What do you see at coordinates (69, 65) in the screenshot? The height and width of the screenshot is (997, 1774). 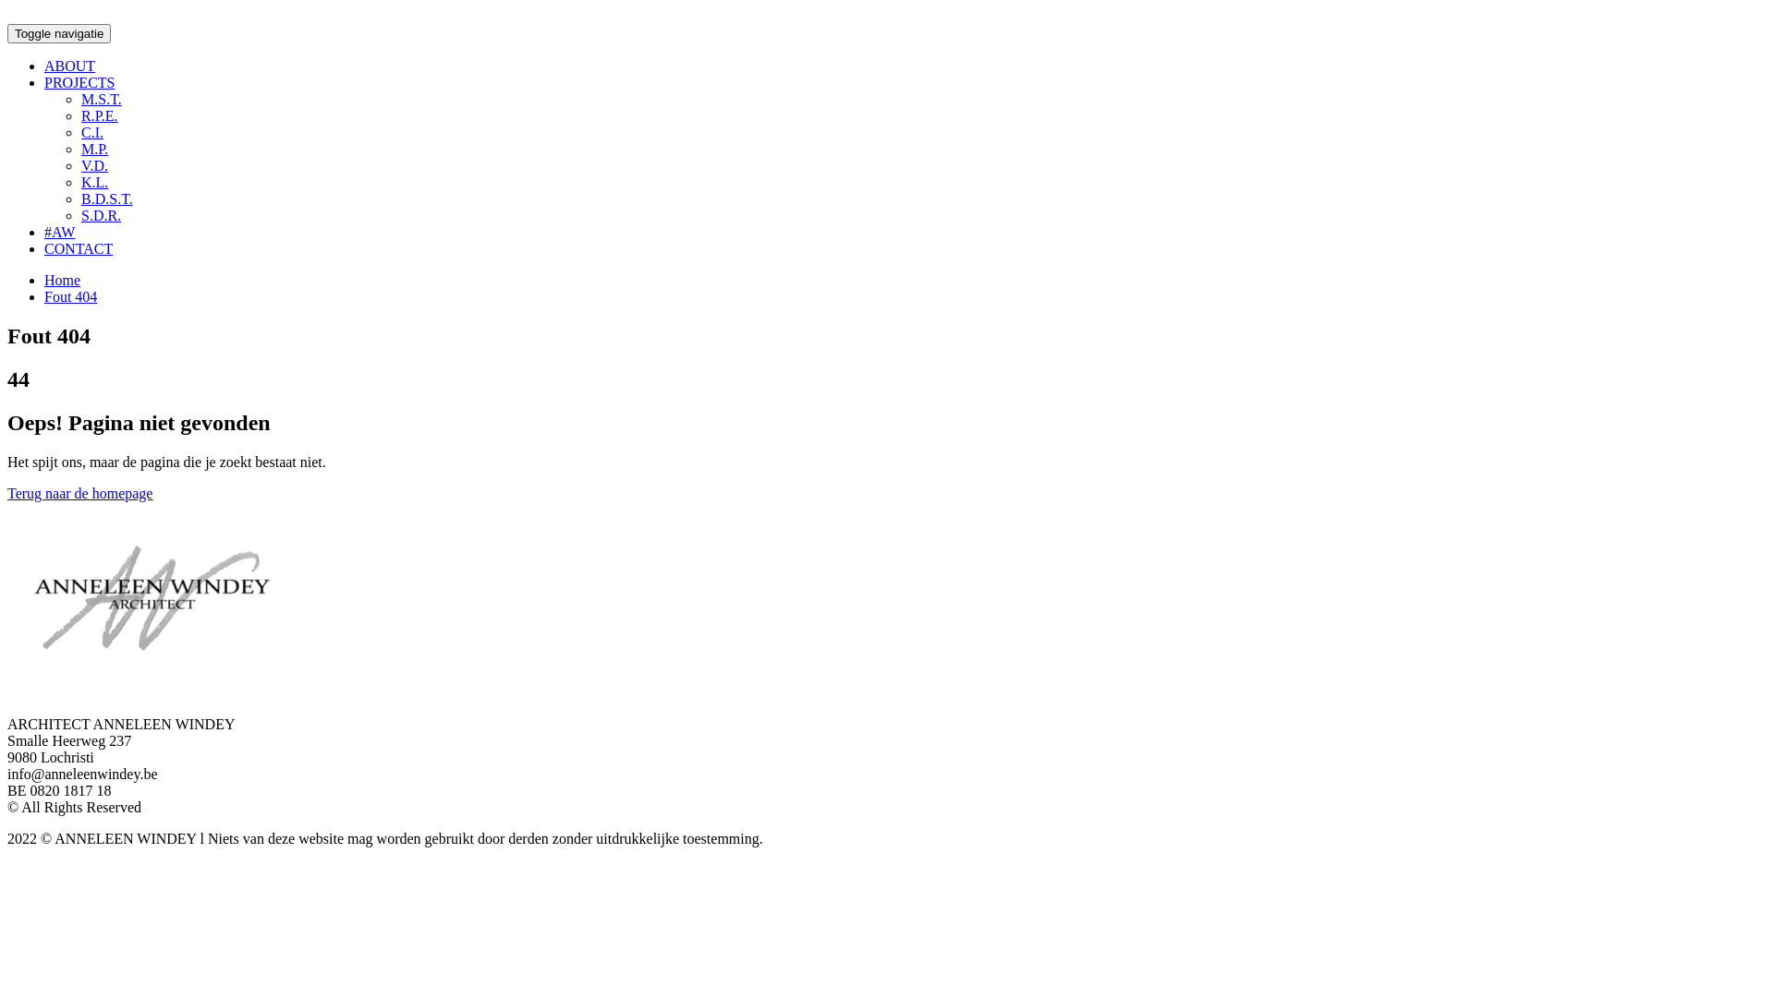 I see `'ABOUT'` at bounding box center [69, 65].